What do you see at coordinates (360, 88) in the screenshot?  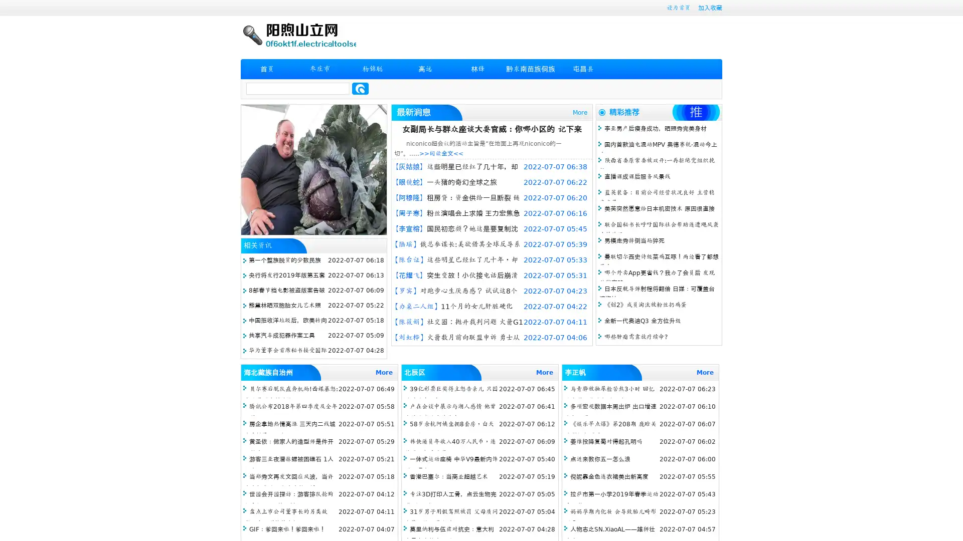 I see `Search` at bounding box center [360, 88].